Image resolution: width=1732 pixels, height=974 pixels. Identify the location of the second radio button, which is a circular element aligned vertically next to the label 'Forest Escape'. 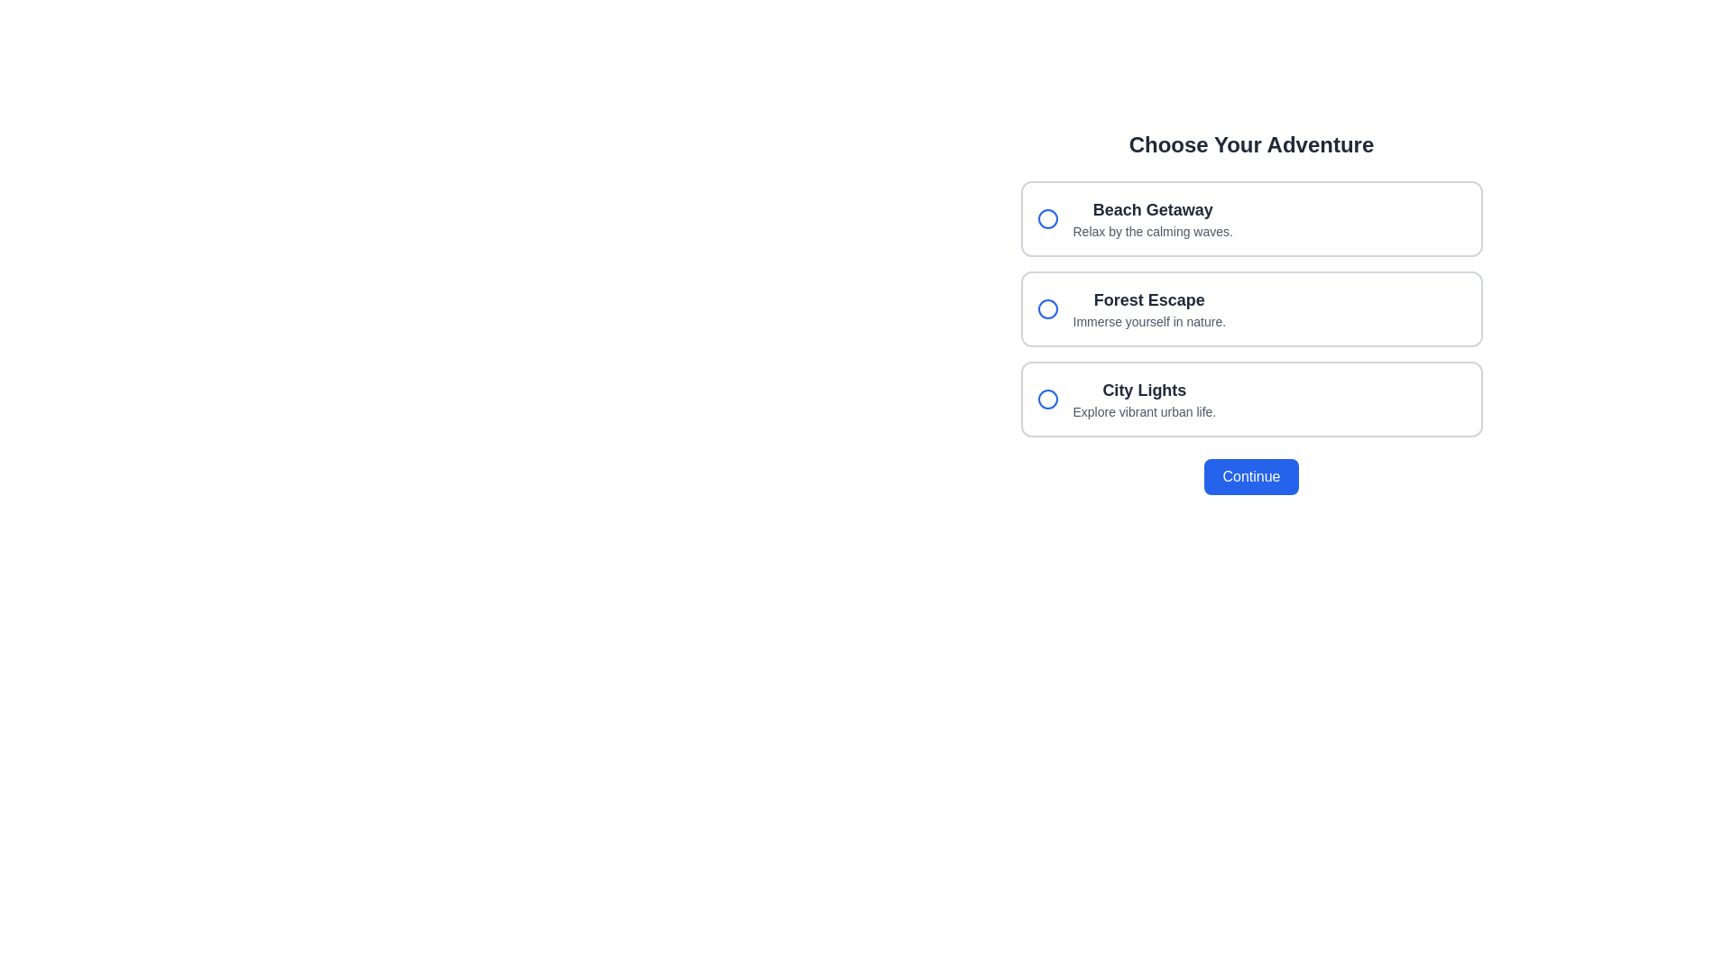
(1047, 308).